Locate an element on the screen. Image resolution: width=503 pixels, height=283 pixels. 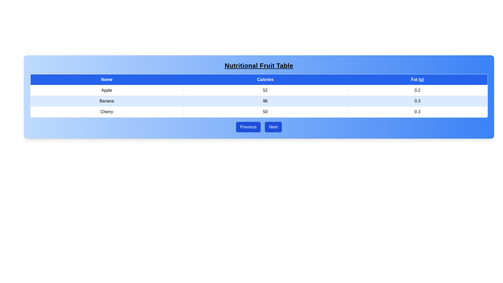
the 'Calories' table header is located at coordinates (265, 80).